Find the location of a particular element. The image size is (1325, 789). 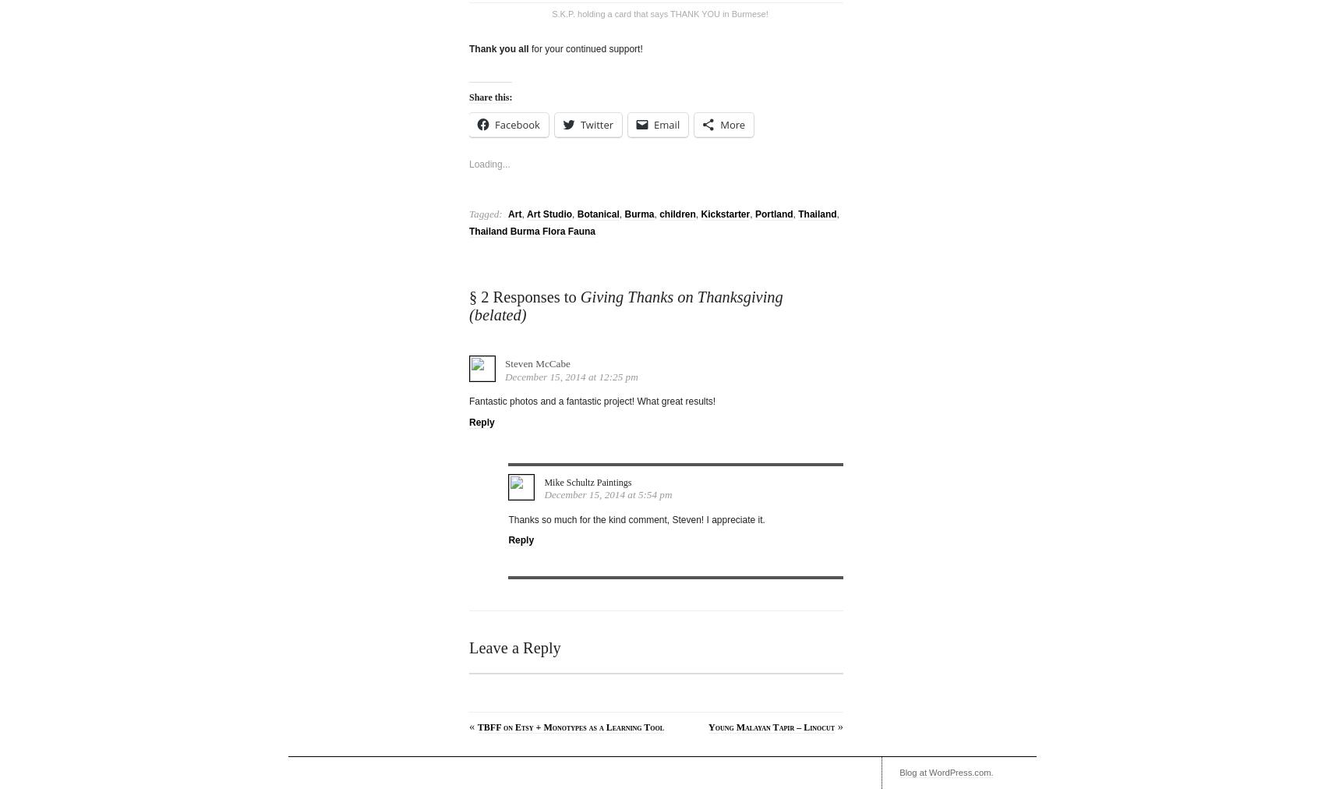

'Email' is located at coordinates (666, 124).